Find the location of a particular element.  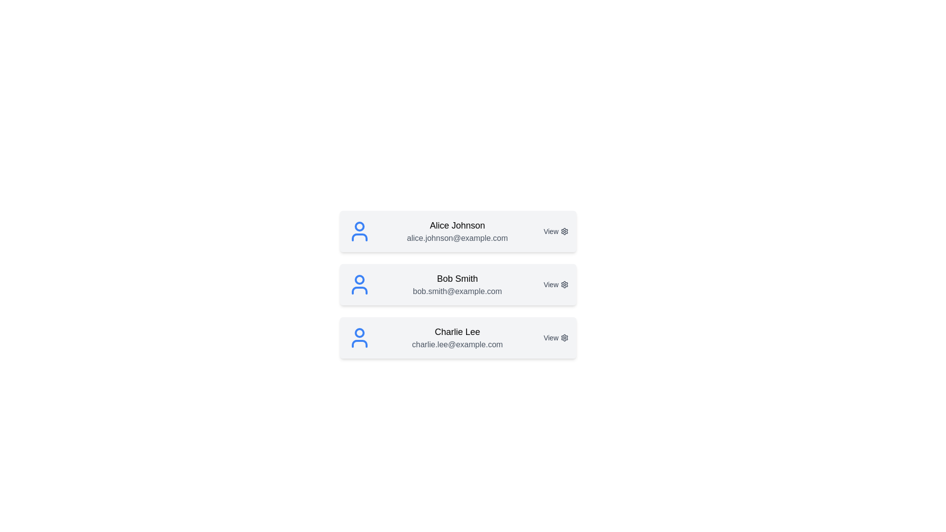

email address text displayed directly under the user name 'Bob Smith', which is centrally aligned within the user's detail box is located at coordinates (457, 291).